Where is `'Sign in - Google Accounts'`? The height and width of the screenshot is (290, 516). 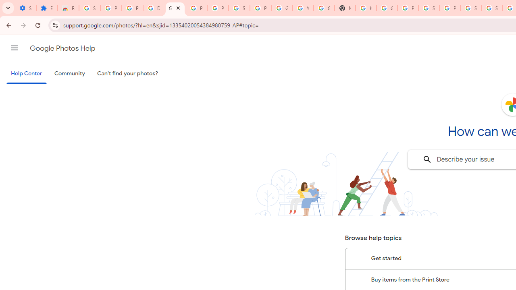
'Sign in - Google Accounts' is located at coordinates (471, 8).